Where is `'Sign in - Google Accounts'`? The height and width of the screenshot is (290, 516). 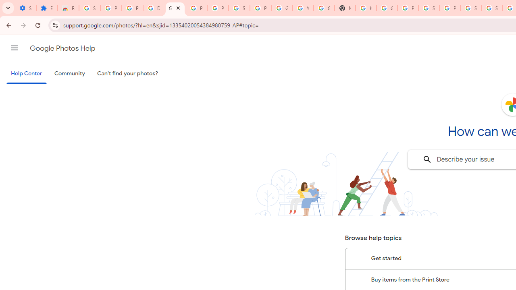
'Sign in - Google Accounts' is located at coordinates (471, 8).